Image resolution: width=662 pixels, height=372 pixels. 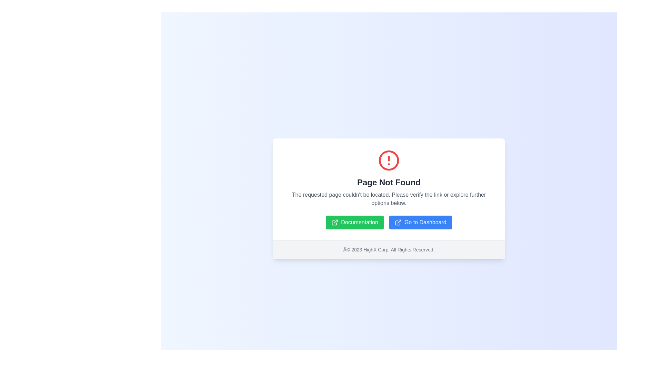 I want to click on the text display element that shows 'The requested page couldn't be located. Please verify the link or explore further options below.', so click(x=389, y=199).